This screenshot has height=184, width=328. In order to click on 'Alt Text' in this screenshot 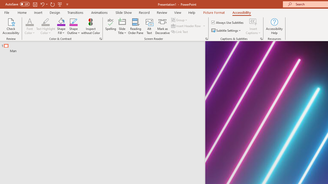, I will do `click(149, 26)`.